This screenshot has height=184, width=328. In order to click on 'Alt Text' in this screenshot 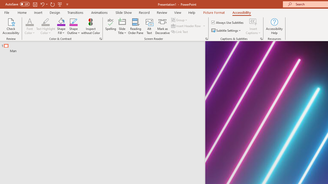, I will do `click(149, 26)`.